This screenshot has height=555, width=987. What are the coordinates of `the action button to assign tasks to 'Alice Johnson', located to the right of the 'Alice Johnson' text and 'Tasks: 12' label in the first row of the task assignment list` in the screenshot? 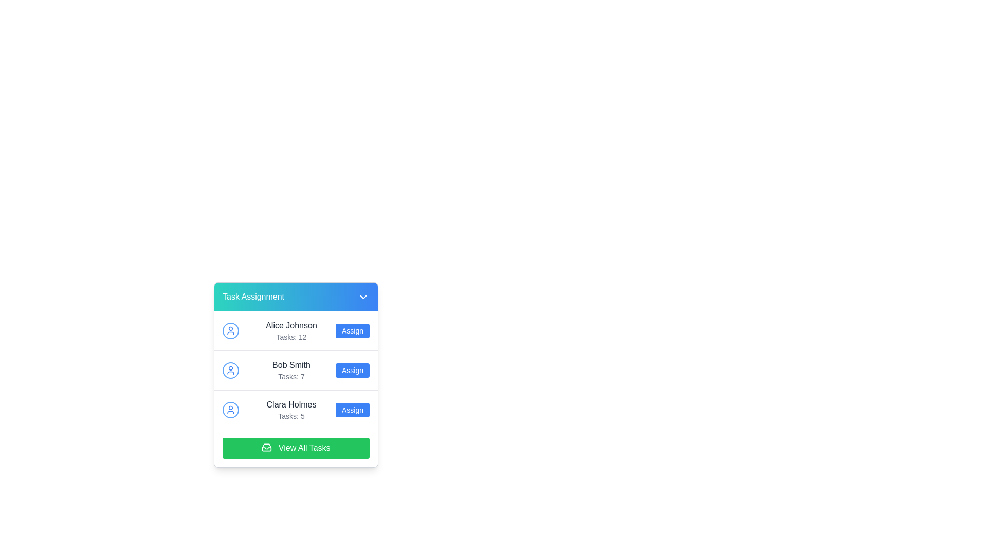 It's located at (353, 331).